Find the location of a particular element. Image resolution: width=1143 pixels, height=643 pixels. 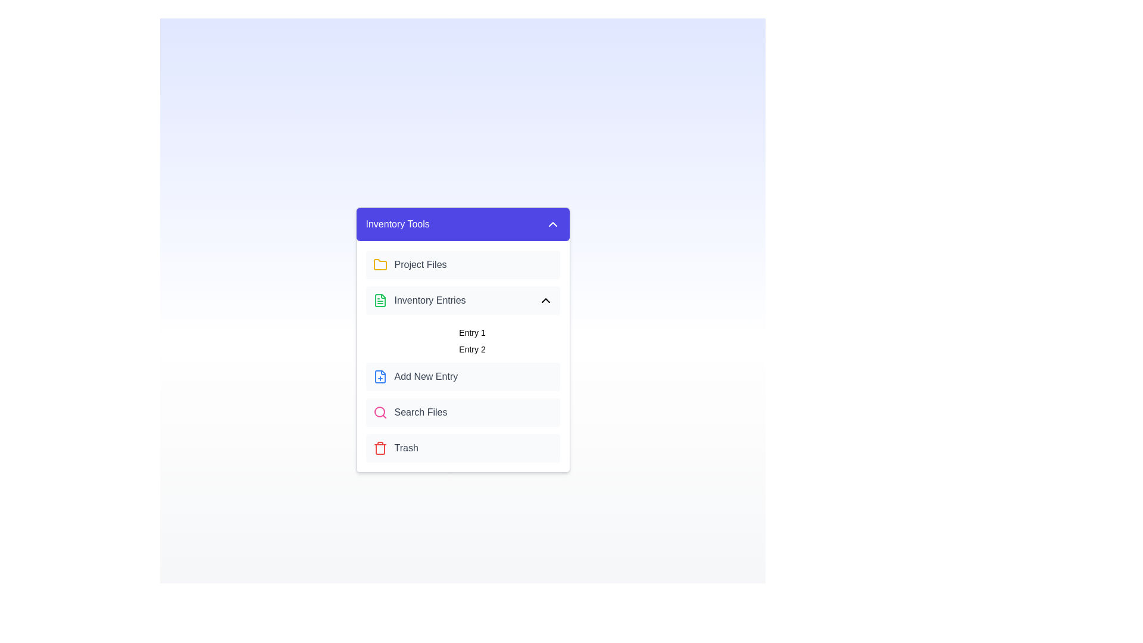

the pink search icon (magnifying glass) located on the left side of the 'Search Files' row, which is the fourth item from the top is located at coordinates (379, 412).